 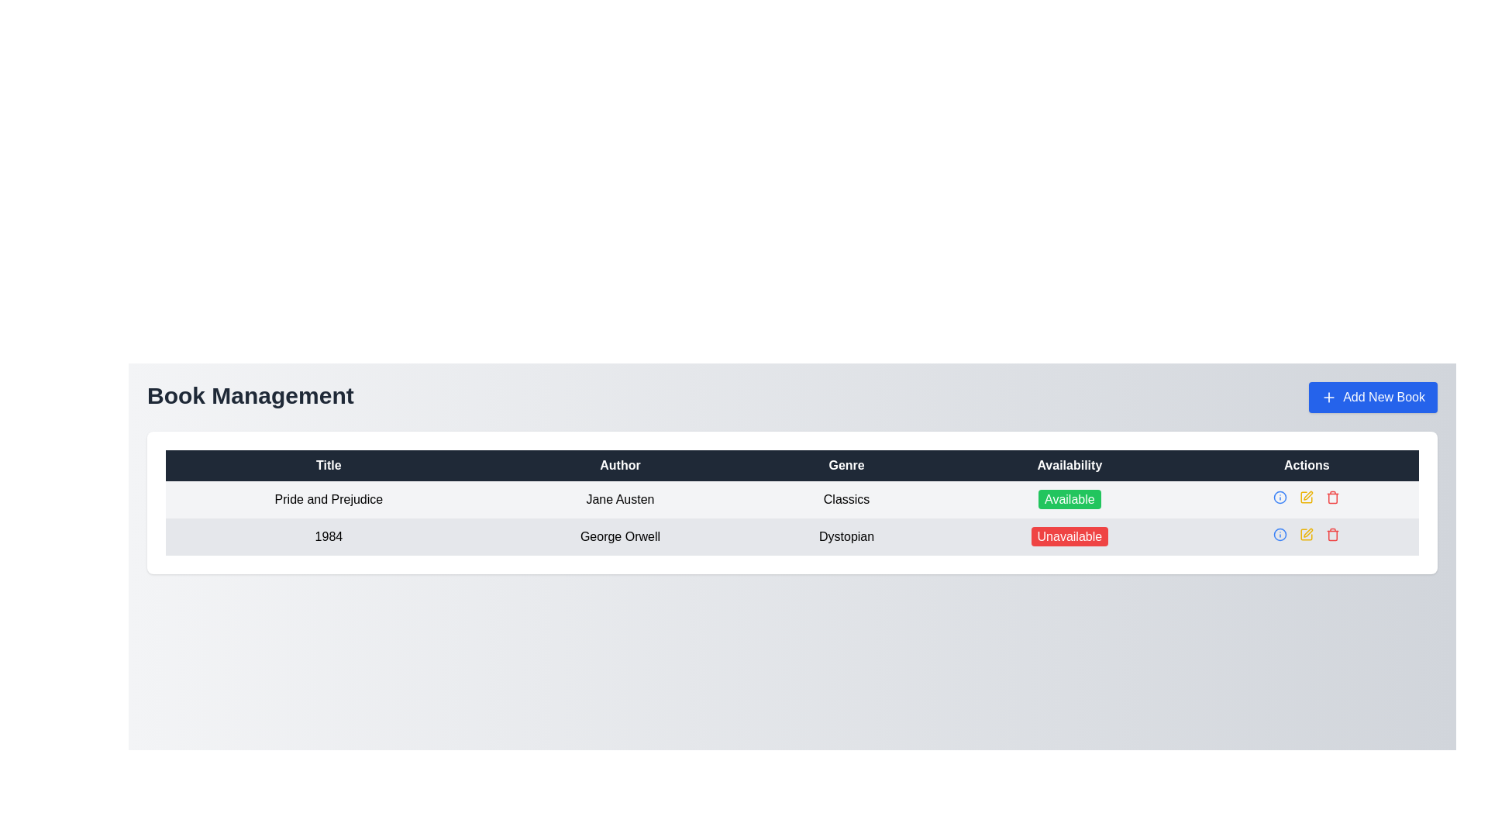 I want to click on the red trash can icon button located at the far right of the action column in the first row of the table, so click(x=1332, y=534).